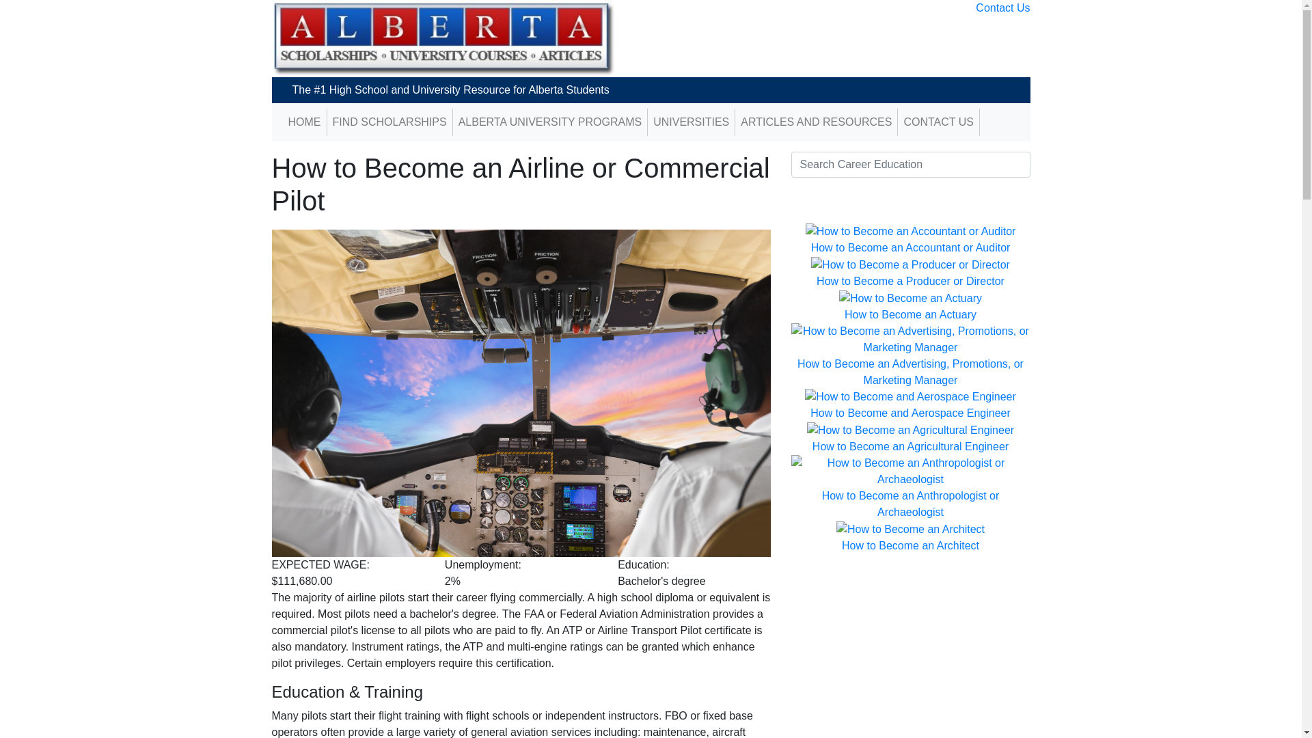 The image size is (1312, 738). Describe the element at coordinates (1002, 8) in the screenshot. I see `'Contact Us'` at that location.